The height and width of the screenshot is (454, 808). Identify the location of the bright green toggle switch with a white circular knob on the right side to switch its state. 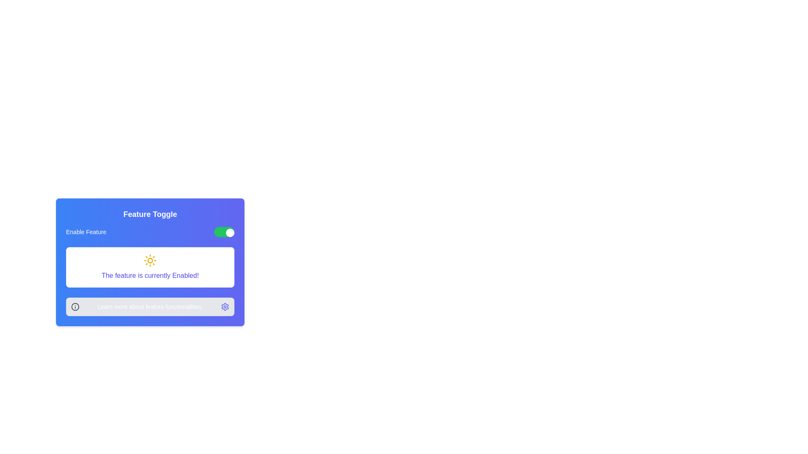
(224, 232).